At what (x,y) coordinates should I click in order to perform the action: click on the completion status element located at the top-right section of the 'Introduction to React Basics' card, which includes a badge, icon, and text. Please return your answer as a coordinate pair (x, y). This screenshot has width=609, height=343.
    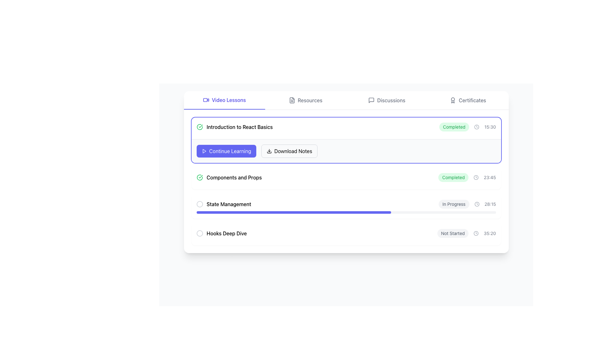
    Looking at the image, I should click on (467, 127).